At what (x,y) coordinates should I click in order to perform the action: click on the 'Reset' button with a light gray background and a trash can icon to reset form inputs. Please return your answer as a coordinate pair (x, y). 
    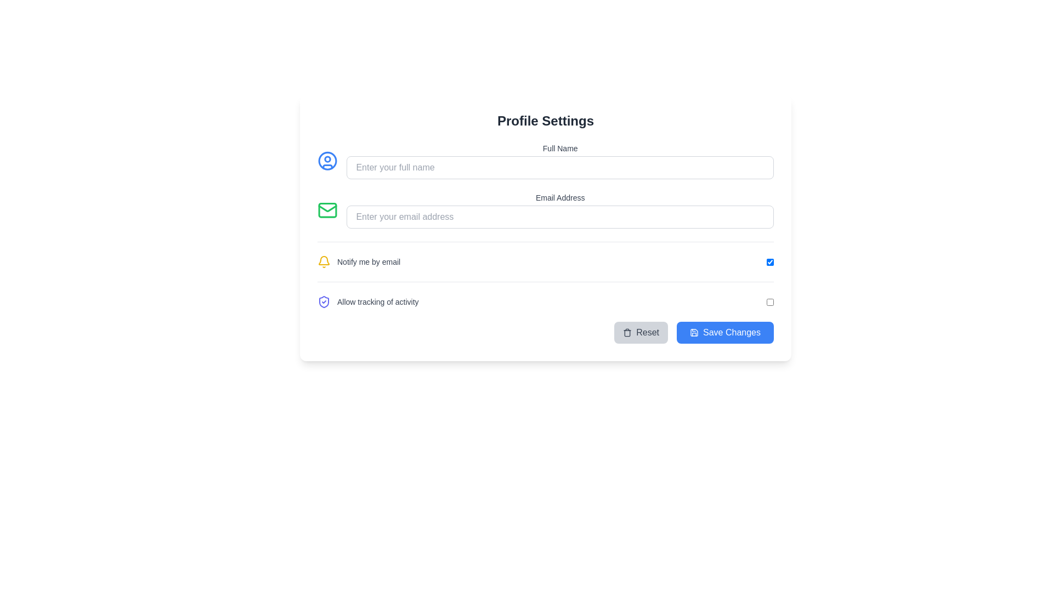
    Looking at the image, I should click on (641, 332).